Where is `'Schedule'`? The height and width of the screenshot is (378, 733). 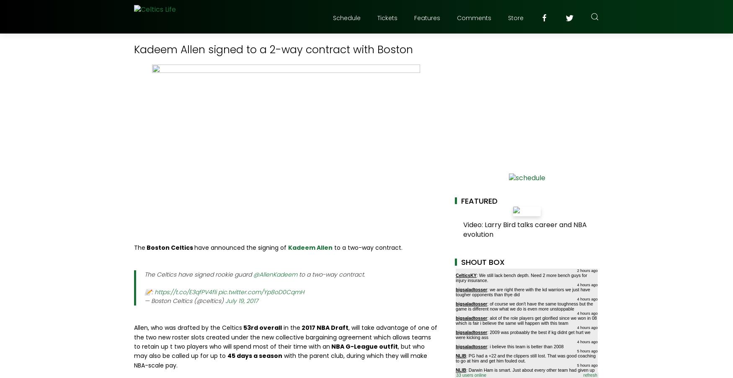
'Schedule' is located at coordinates (346, 18).